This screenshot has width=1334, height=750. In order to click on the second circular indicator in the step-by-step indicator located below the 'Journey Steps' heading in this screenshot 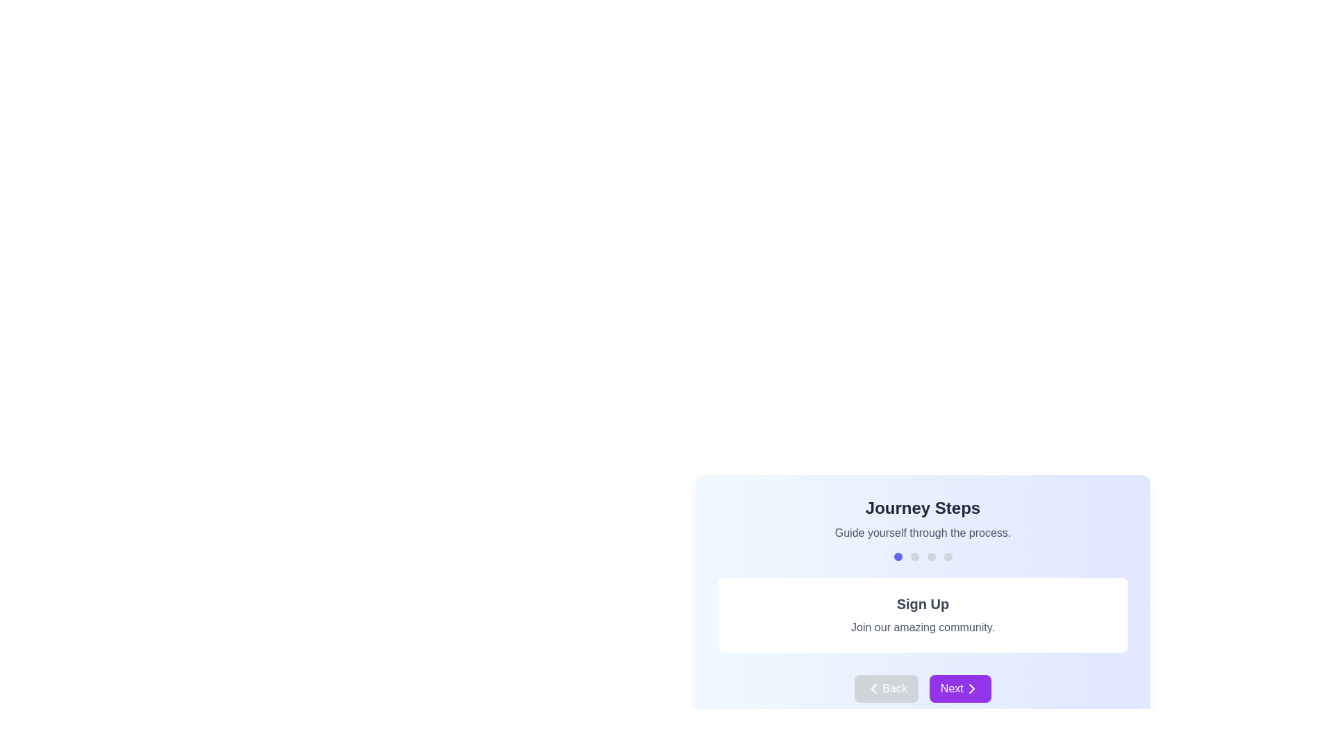, I will do `click(914, 556)`.